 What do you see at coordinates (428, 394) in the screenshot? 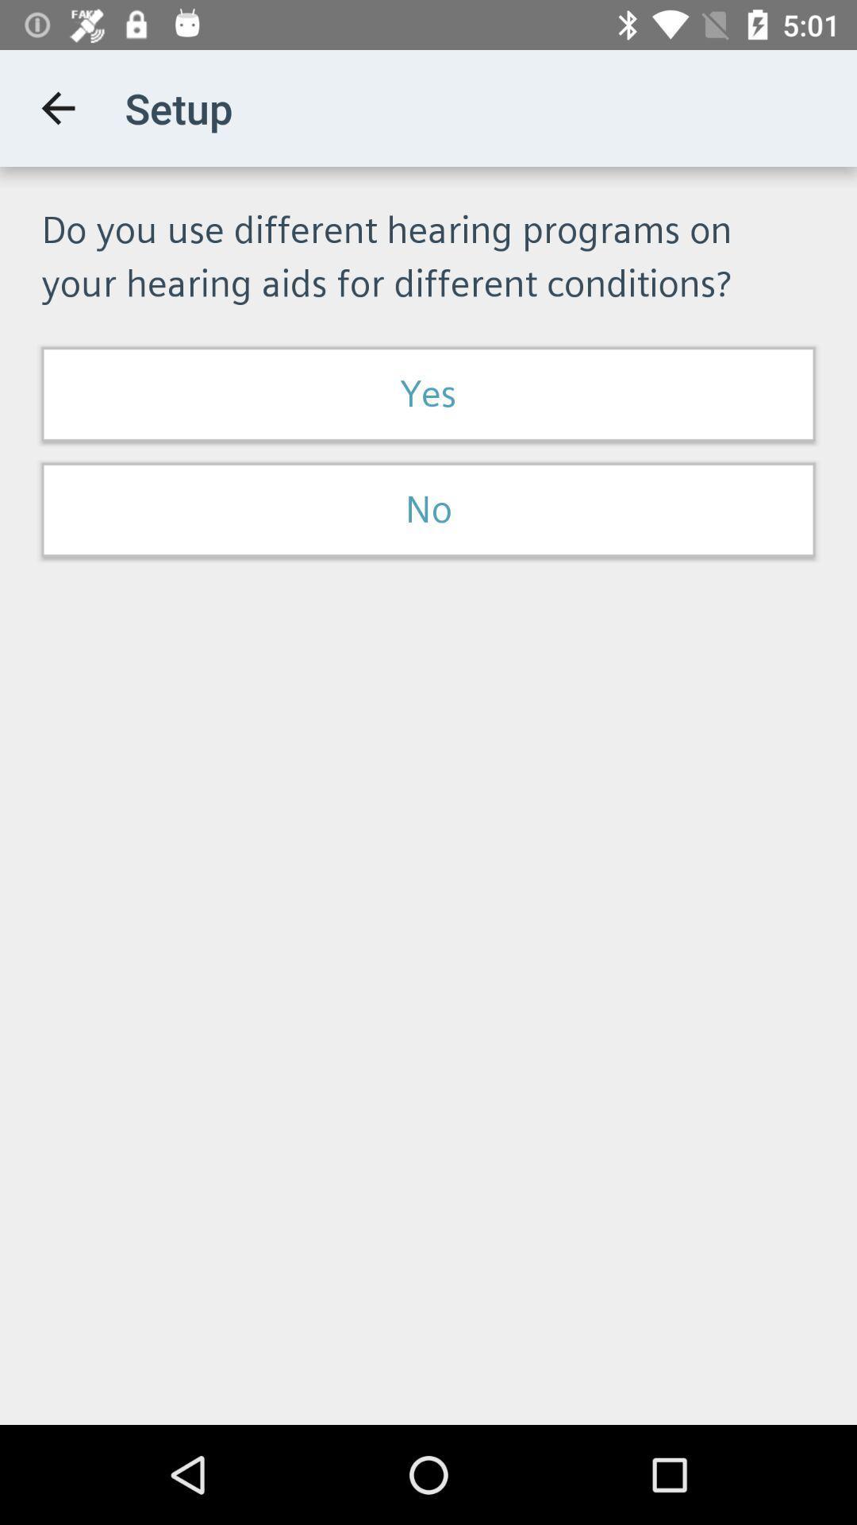
I see `yes` at bounding box center [428, 394].